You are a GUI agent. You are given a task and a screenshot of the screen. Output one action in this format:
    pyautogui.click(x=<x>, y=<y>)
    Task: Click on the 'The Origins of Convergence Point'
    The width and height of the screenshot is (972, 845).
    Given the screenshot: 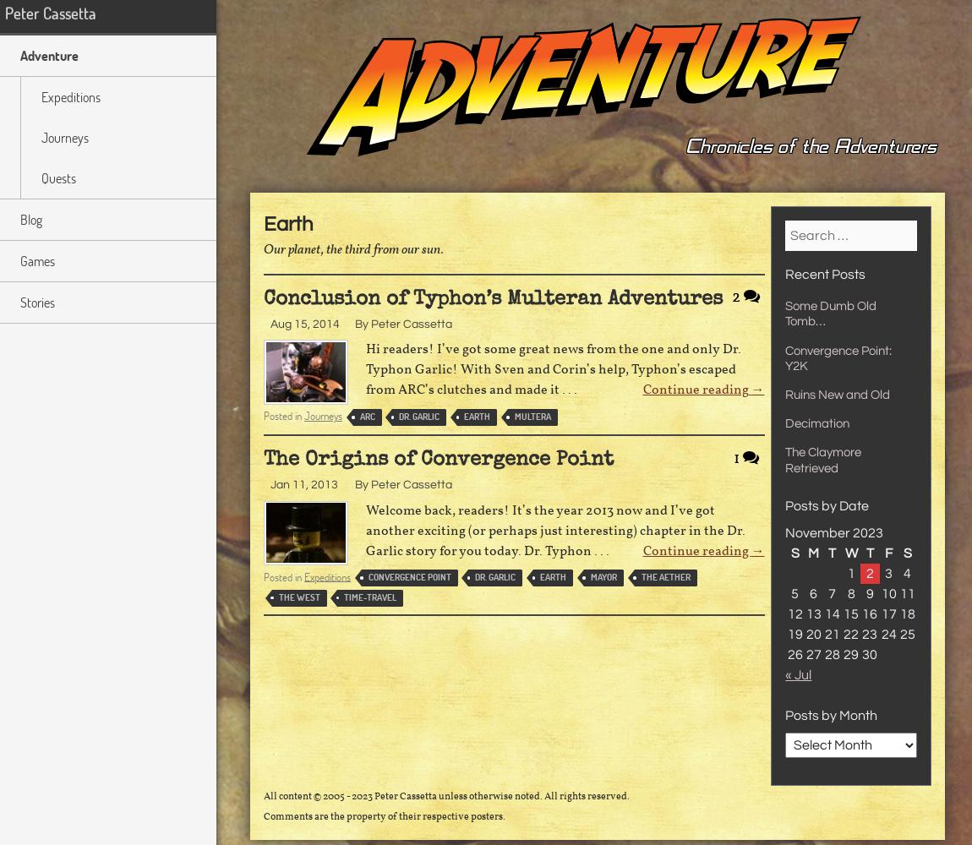 What is the action you would take?
    pyautogui.click(x=438, y=461)
    